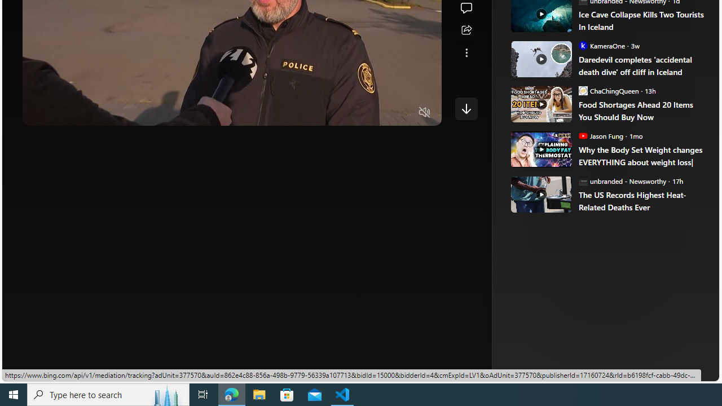 This screenshot has width=722, height=406. Describe the element at coordinates (424, 113) in the screenshot. I see `'Unmute'` at that location.